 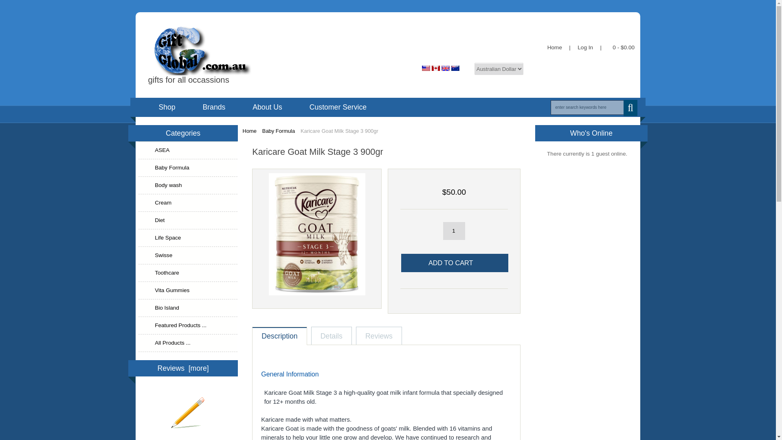 What do you see at coordinates (187, 167) in the screenshot?
I see `'Baby Formula` at bounding box center [187, 167].